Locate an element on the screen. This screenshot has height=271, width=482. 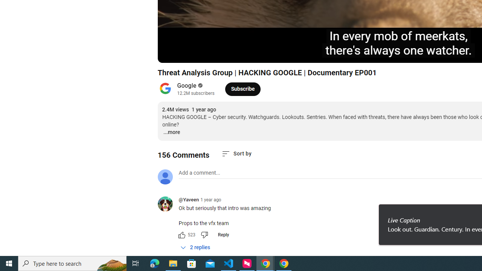
'...more' is located at coordinates (171, 132).